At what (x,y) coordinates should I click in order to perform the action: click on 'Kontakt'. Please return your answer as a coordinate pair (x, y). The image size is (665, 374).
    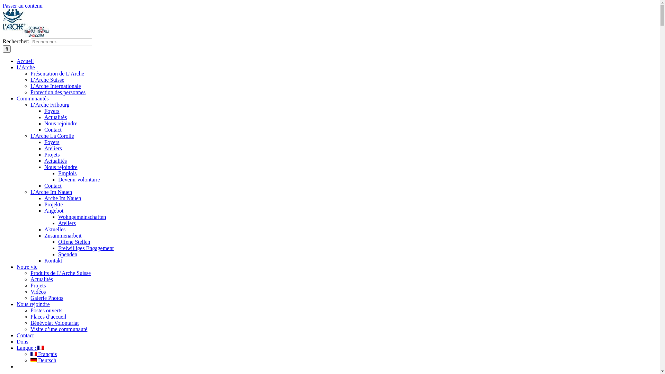
    Looking at the image, I should click on (53, 260).